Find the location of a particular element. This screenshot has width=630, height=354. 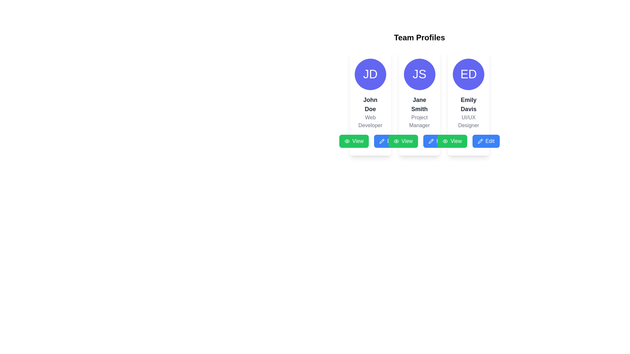

the Static Text Label that indicates the role 'UI/UX Designer' located below 'Emily Davis' and above the 'View' and 'Edit' buttons is located at coordinates (468, 121).